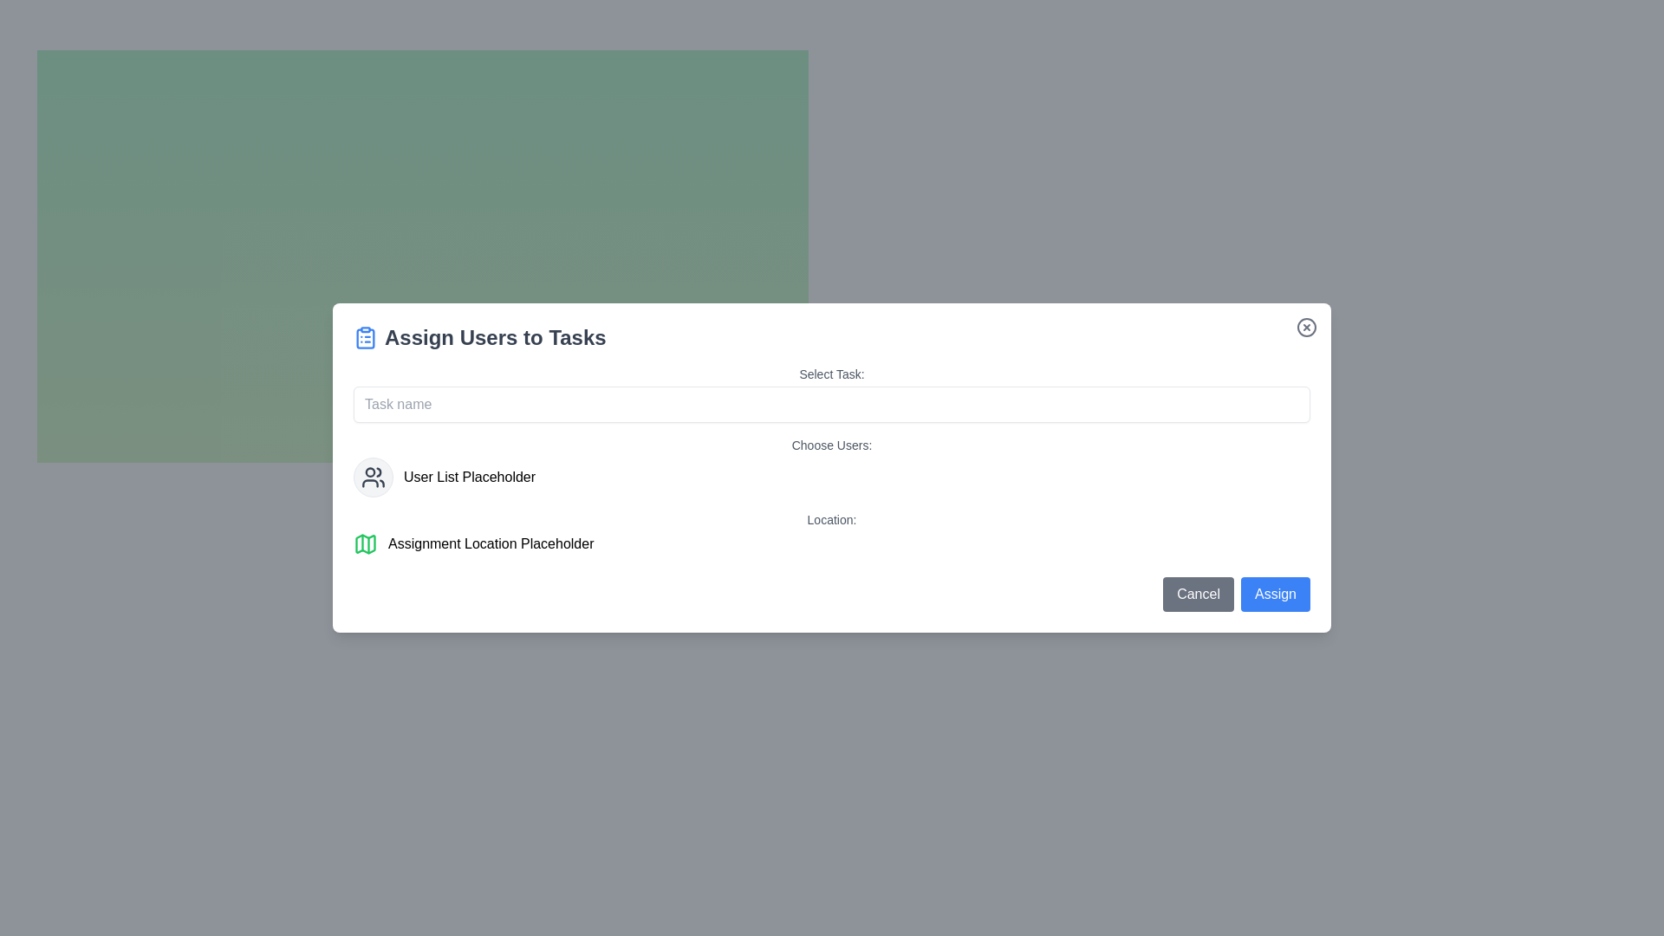 Image resolution: width=1664 pixels, height=936 pixels. What do you see at coordinates (490, 543) in the screenshot?
I see `the static label that indicates the assignment location, positioned below the 'User List Placeholder' and to the right of the green map icon` at bounding box center [490, 543].